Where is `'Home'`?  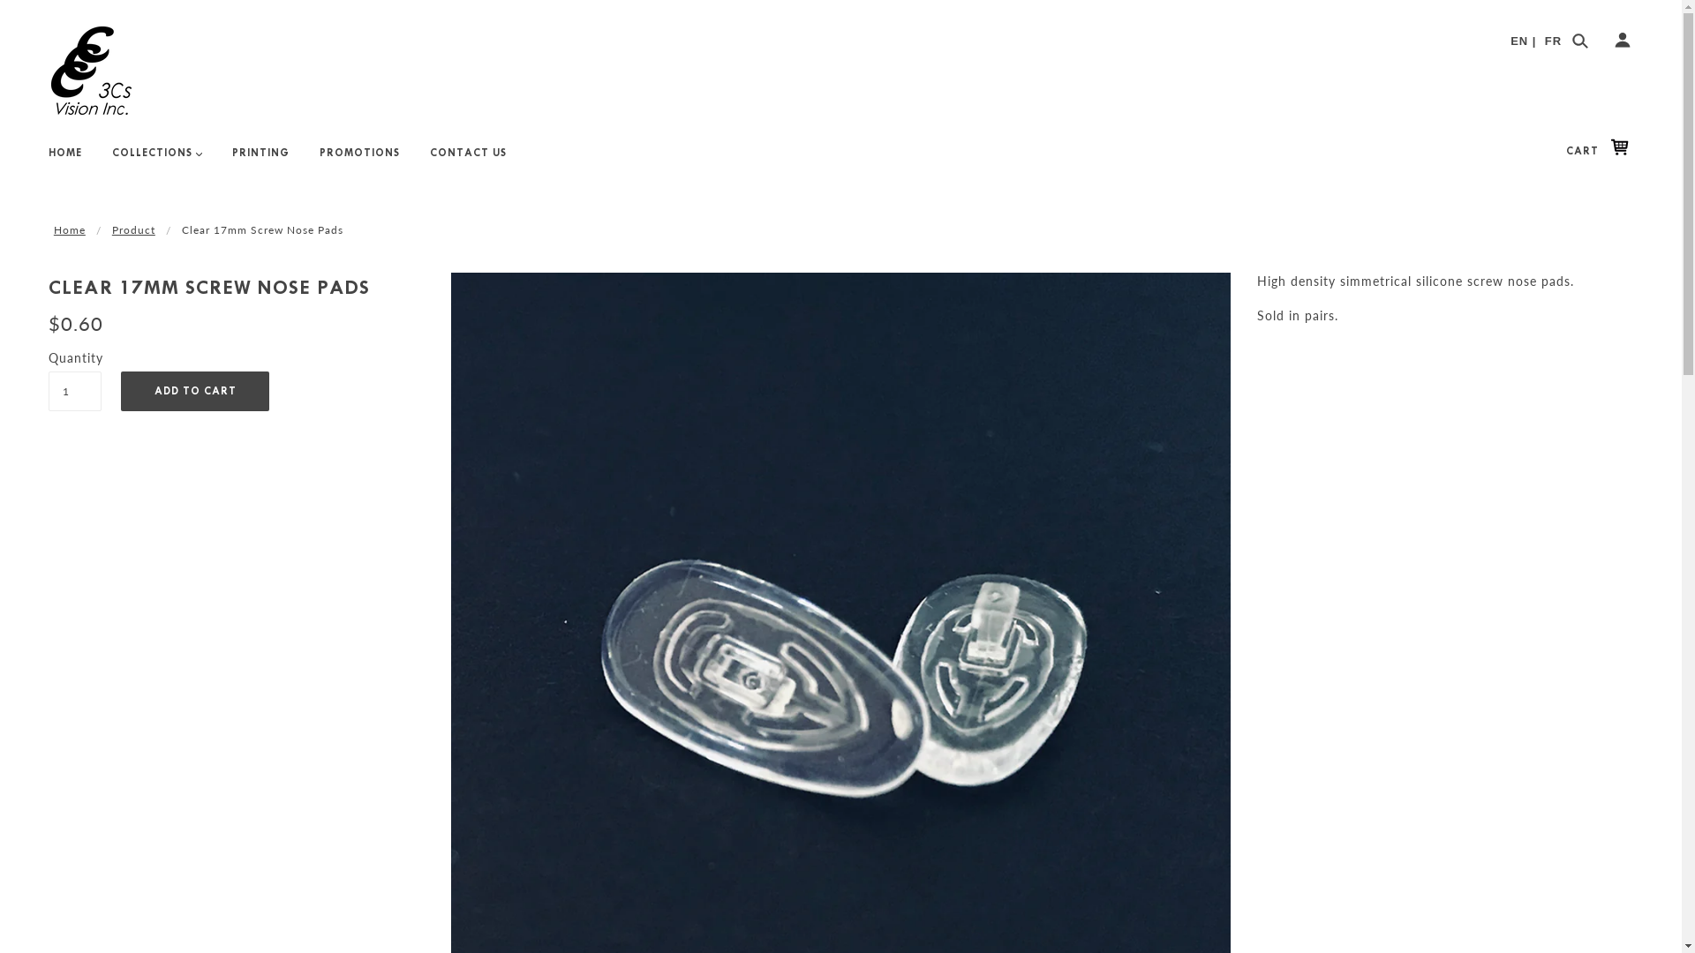
'Home' is located at coordinates (54, 228).